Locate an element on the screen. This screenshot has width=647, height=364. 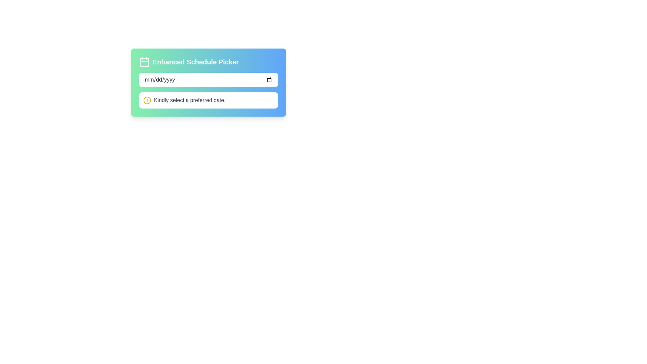
informational text displayed below the input field, which serves as a prompt or warning to the user is located at coordinates (208, 100).